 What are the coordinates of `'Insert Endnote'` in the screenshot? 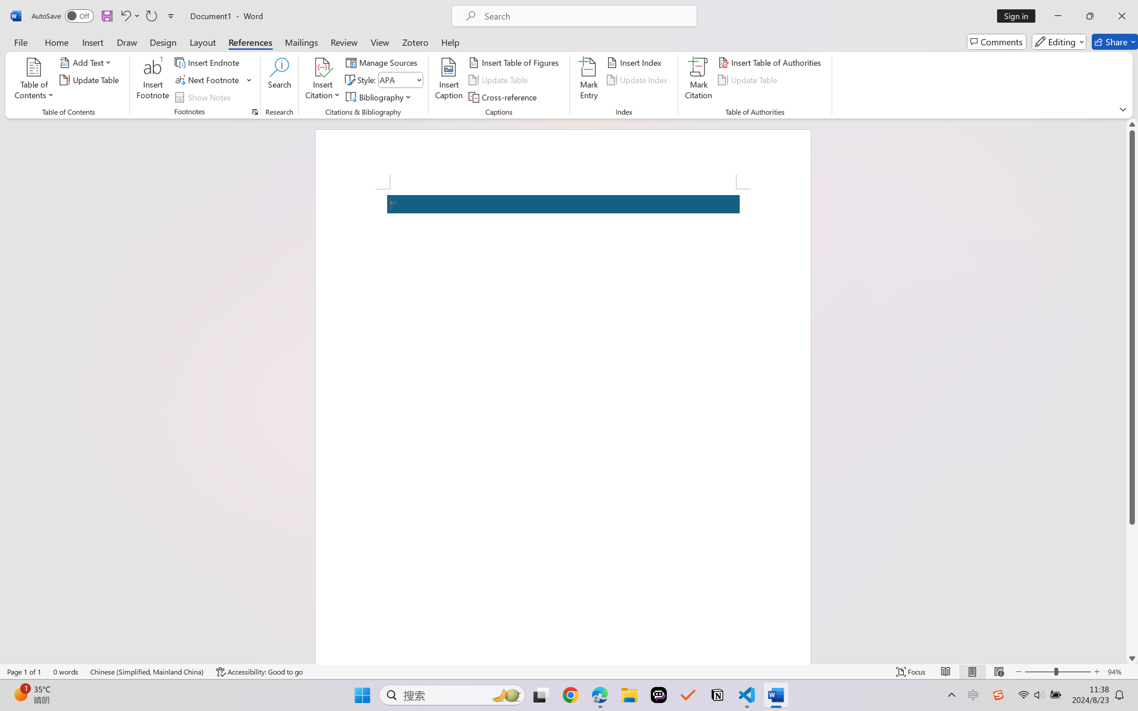 It's located at (207, 62).